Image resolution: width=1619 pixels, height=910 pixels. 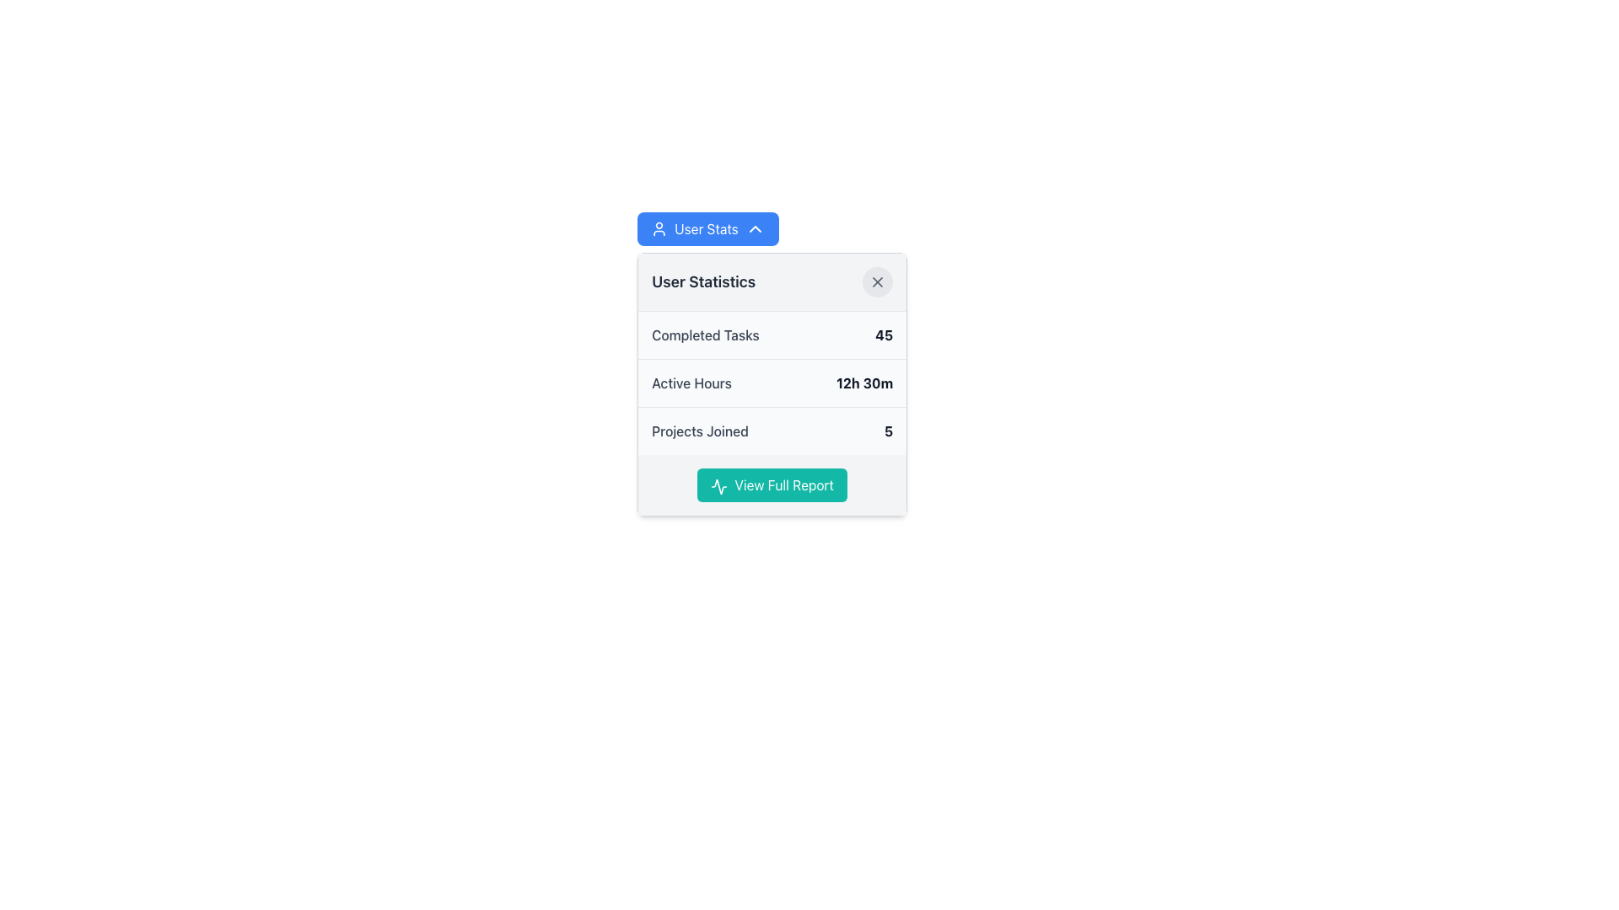 What do you see at coordinates (708, 229) in the screenshot?
I see `the 'User Stats' button, which has a blue background, white text, and is located at the top of a popup interface` at bounding box center [708, 229].